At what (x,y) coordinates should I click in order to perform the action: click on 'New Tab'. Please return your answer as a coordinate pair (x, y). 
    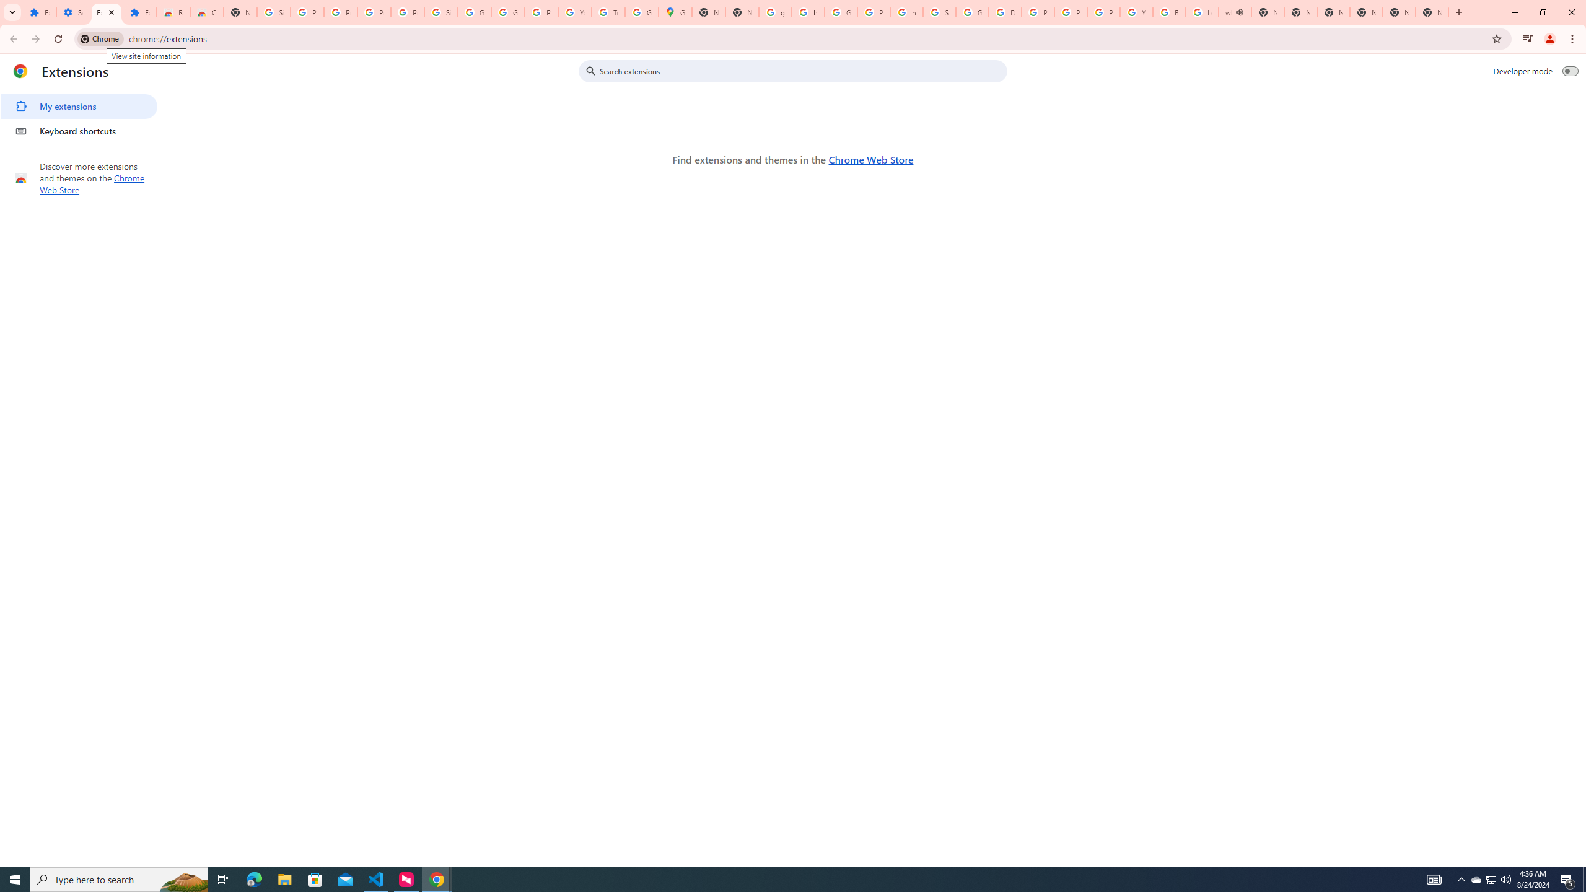
    Looking at the image, I should click on (1432, 12).